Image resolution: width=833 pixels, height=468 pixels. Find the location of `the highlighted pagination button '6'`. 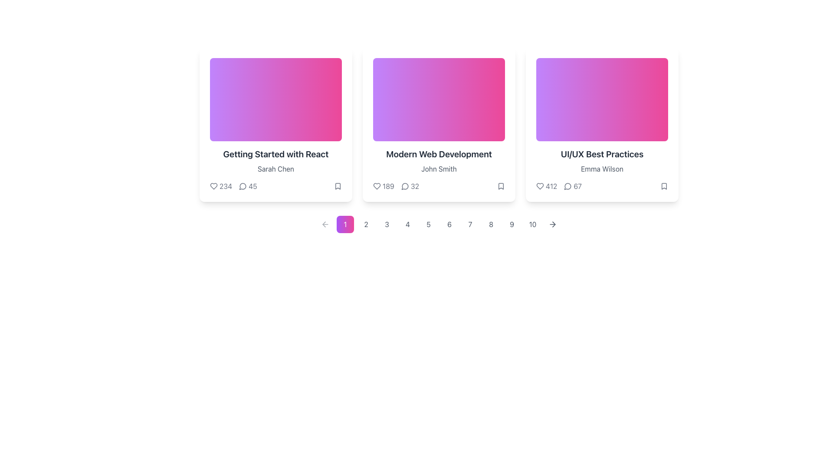

the highlighted pagination button '6' is located at coordinates (439, 224).